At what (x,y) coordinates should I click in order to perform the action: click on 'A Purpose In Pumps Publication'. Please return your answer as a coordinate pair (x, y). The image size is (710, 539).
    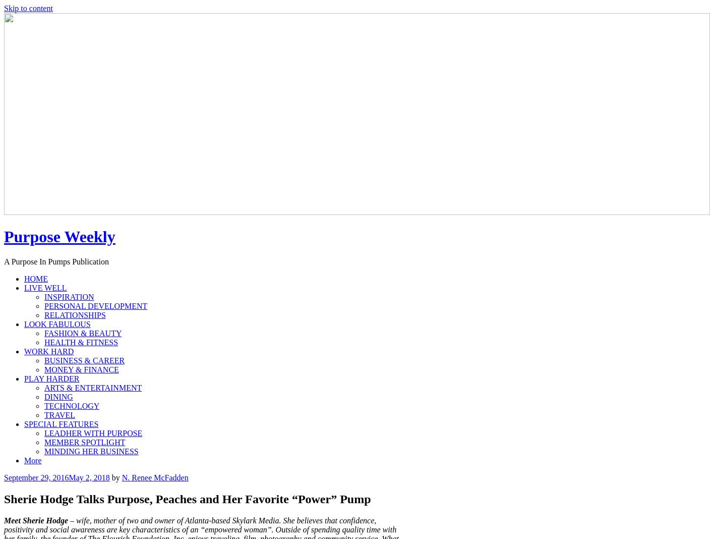
    Looking at the image, I should click on (56, 261).